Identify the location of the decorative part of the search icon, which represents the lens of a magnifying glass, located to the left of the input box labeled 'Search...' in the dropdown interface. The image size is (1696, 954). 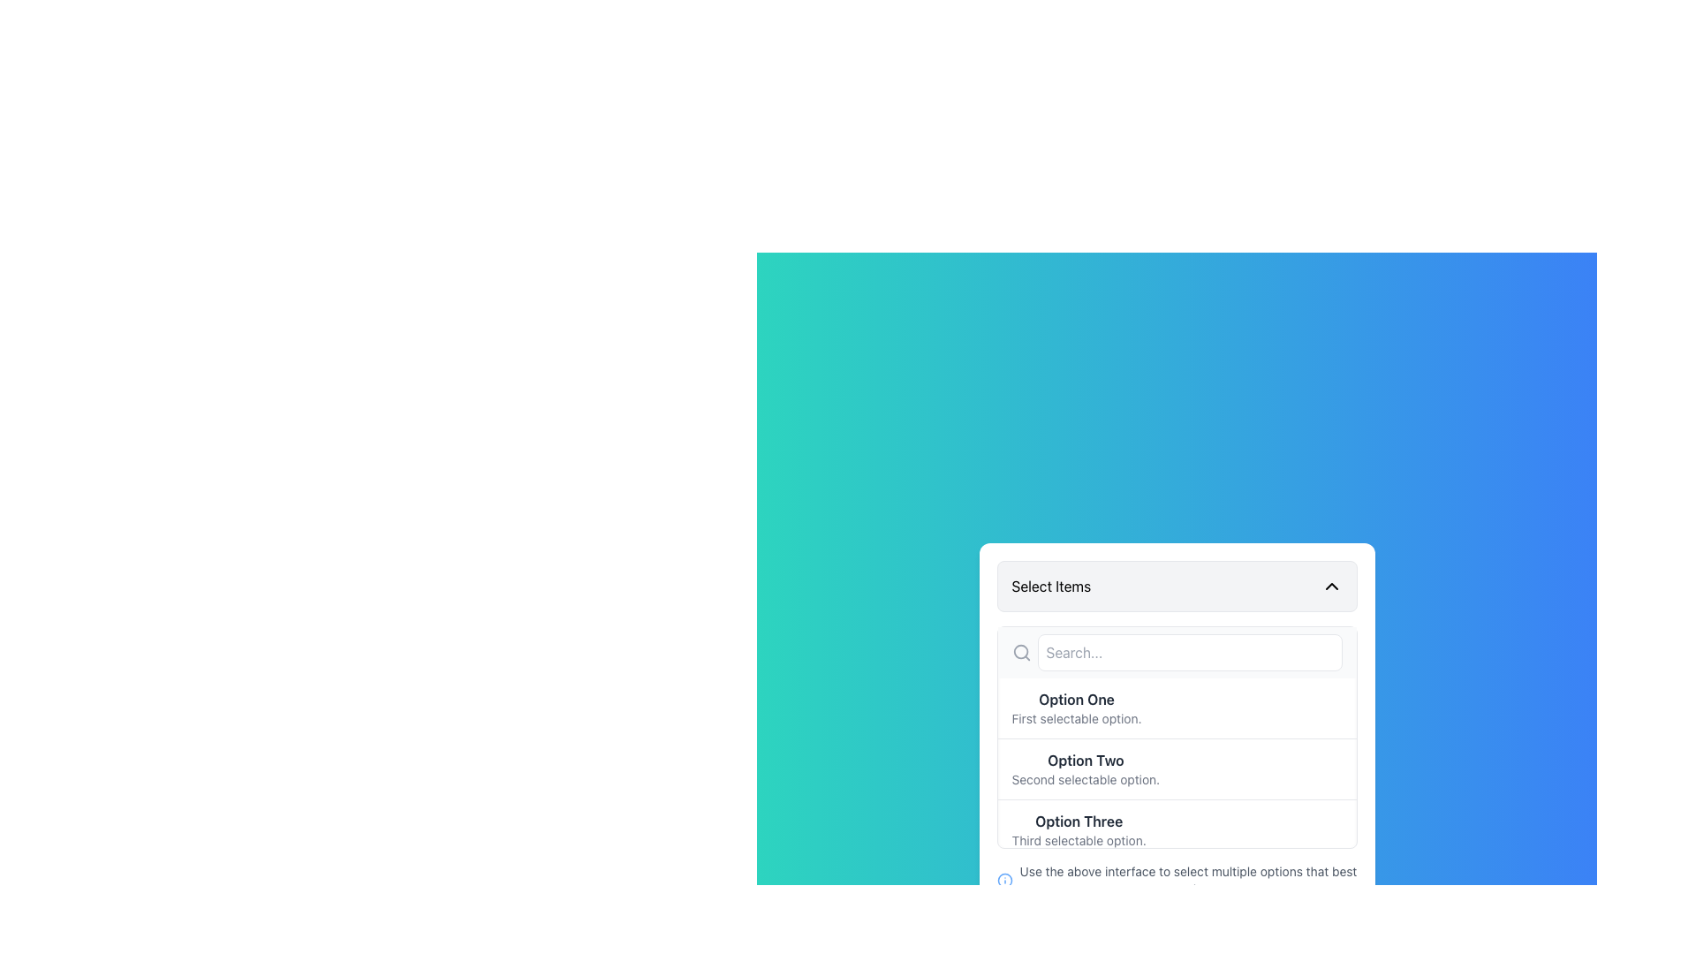
(1020, 652).